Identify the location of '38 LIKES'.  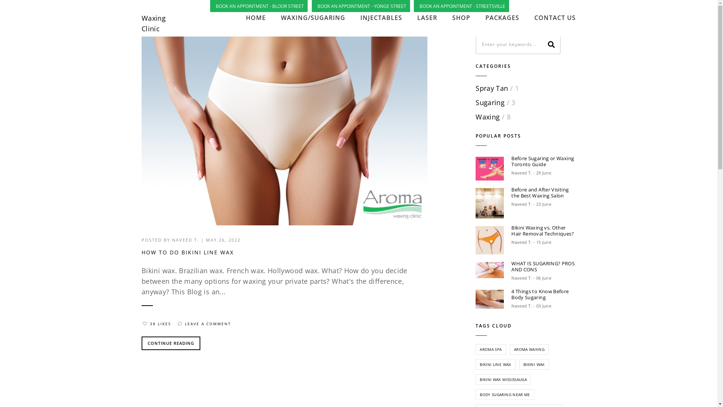
(156, 323).